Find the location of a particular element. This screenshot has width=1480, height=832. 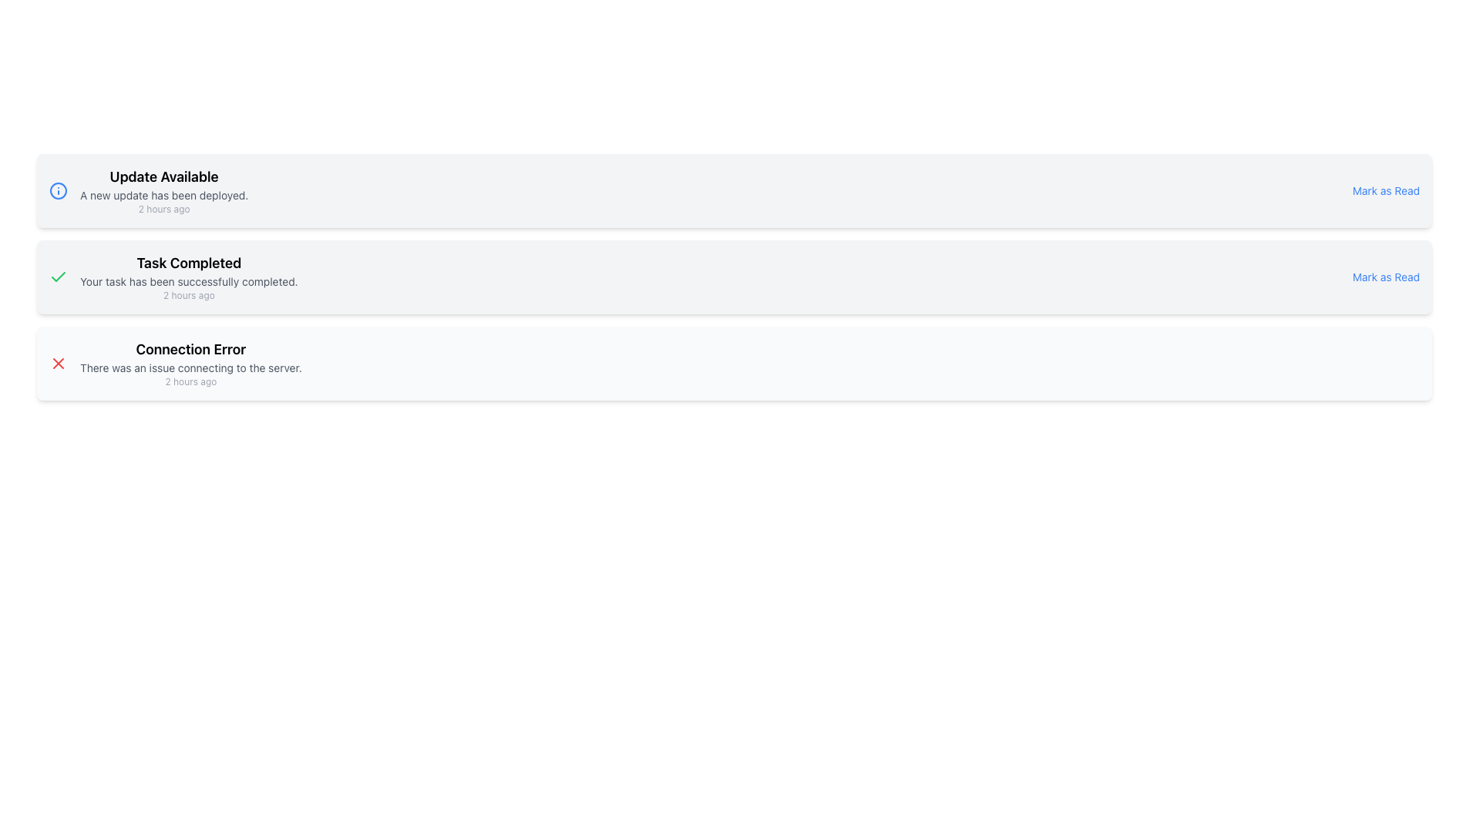

the 'Mark as Read' button styled as a hyperlink in blue, located on the far right of the 'Task Completed' notification card is located at coordinates (1386, 276).